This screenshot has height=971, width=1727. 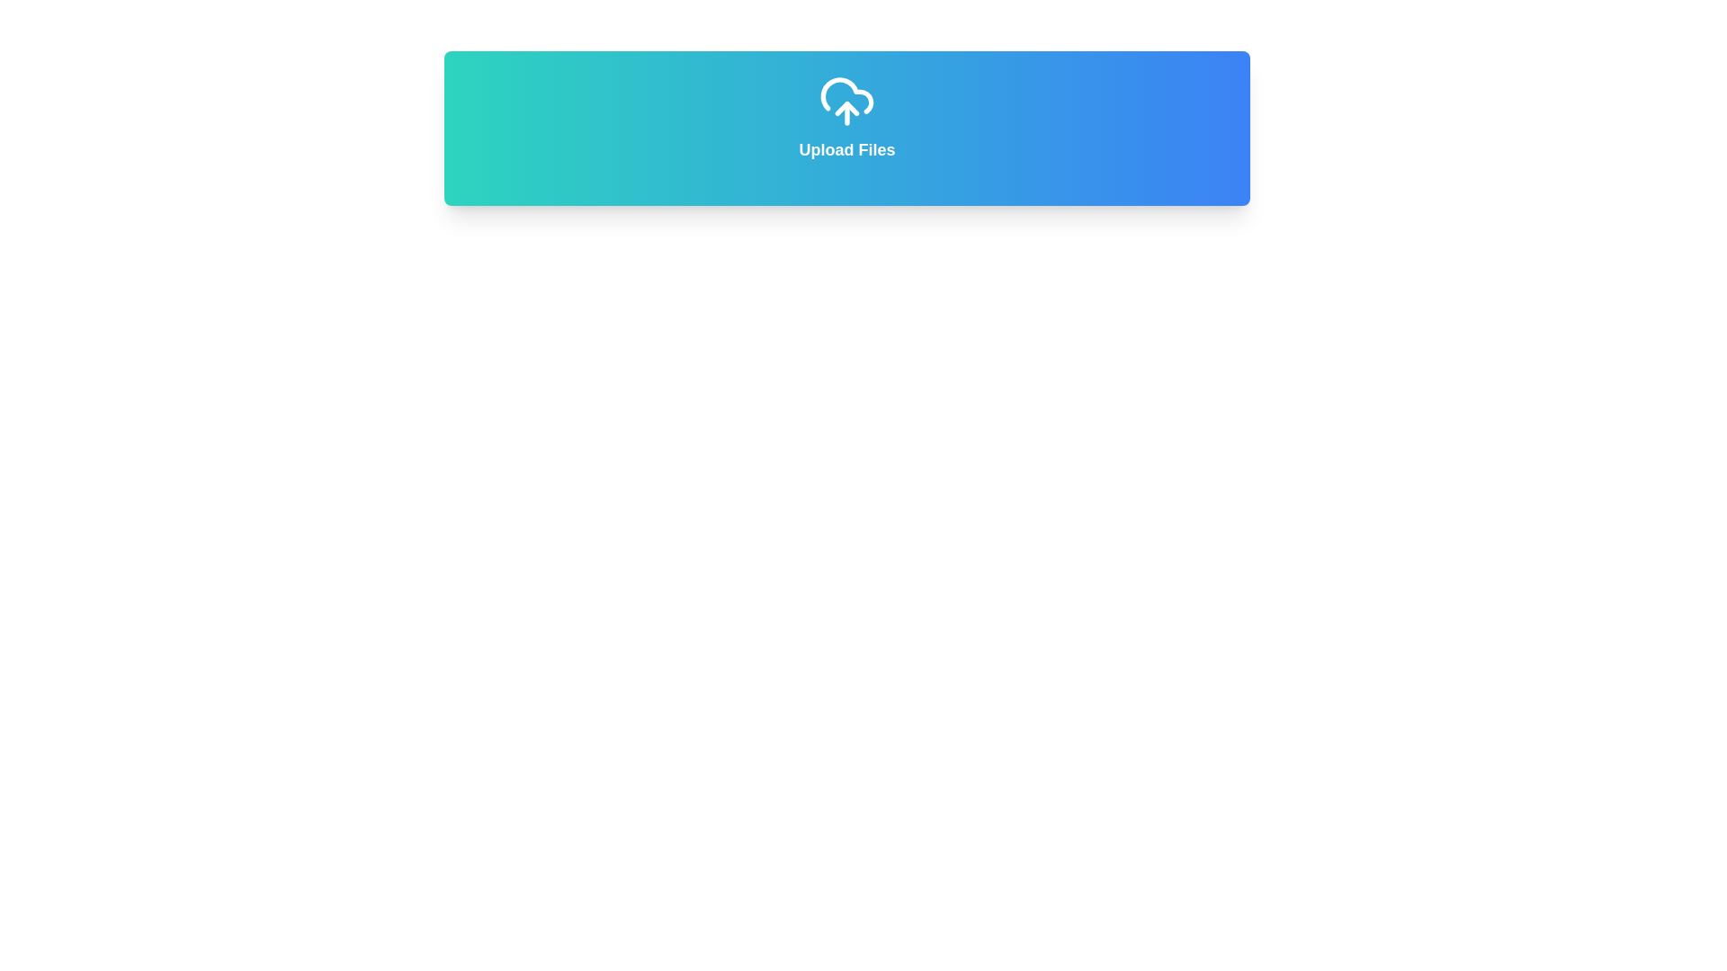 What do you see at coordinates (846, 148) in the screenshot?
I see `the static text label that reads 'Upload Files', which is styled in bold font and located centrally beneath an upload icon within a gradient blue header` at bounding box center [846, 148].